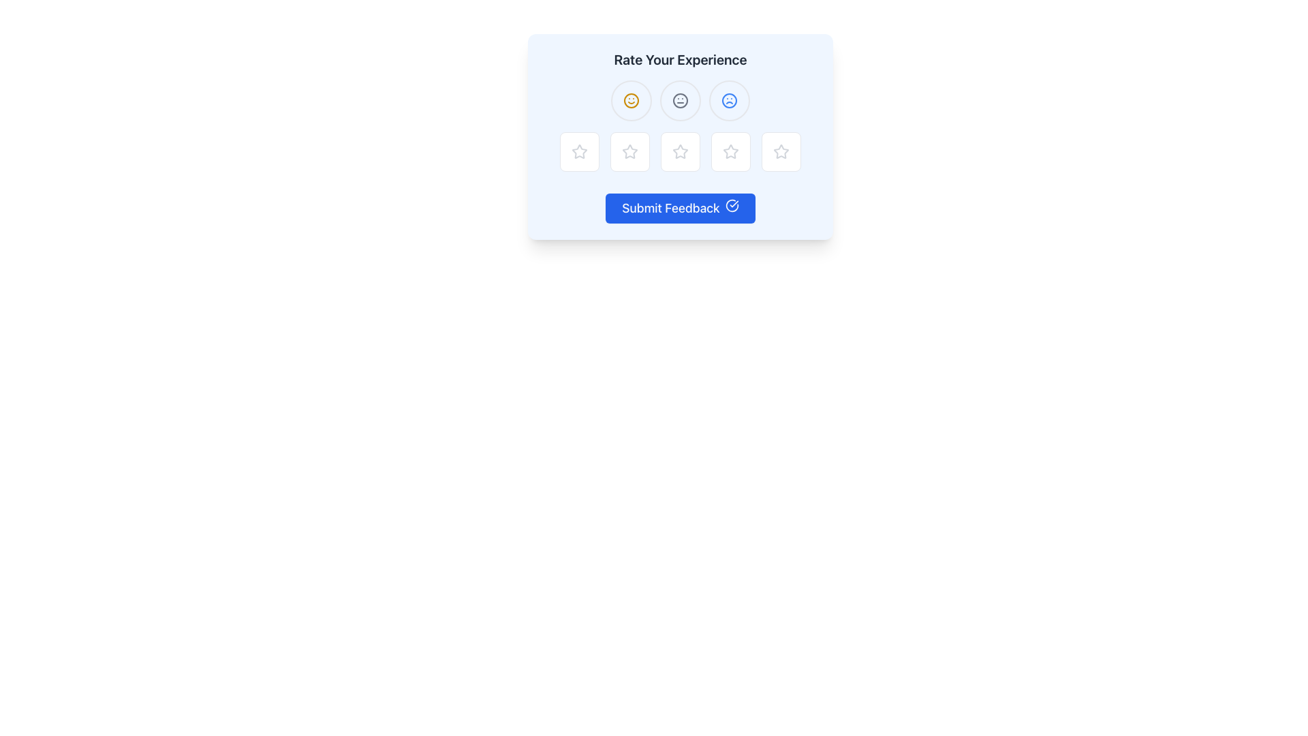 Image resolution: width=1308 pixels, height=736 pixels. I want to click on the fourth star icon in the rating system, so click(730, 152).